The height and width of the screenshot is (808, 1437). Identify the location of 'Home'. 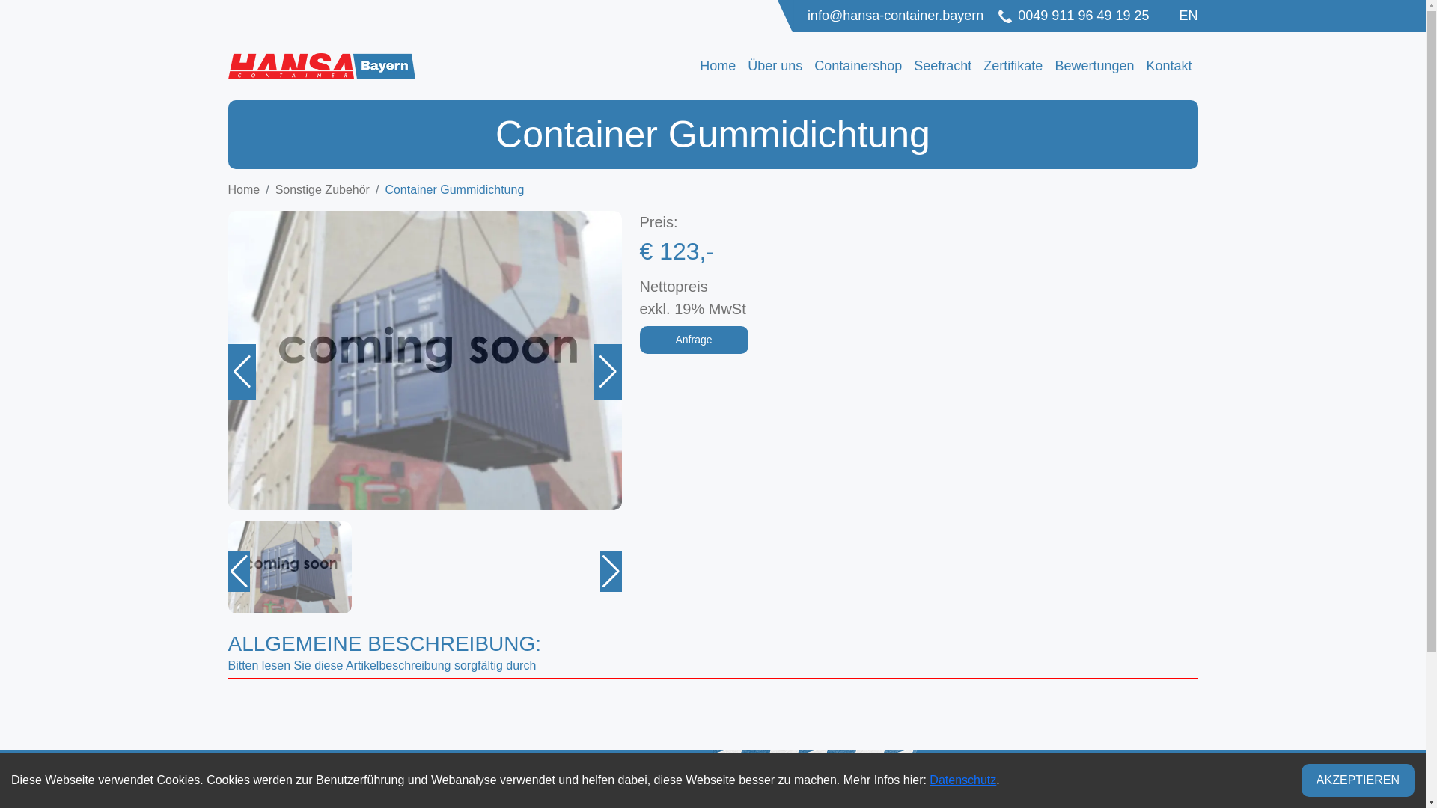
(717, 65).